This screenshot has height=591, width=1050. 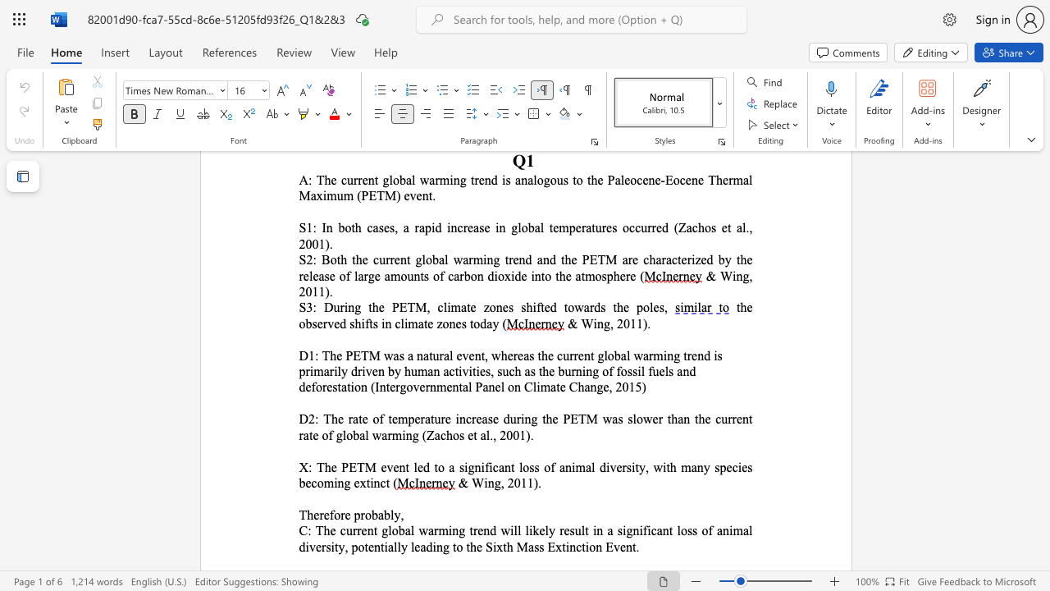 I want to click on the subset text "ratures occurred (" within the text "S1: In both cases, a rapid increase in global temperatures occurred (Zachos et al., 2001).", so click(x=581, y=227).